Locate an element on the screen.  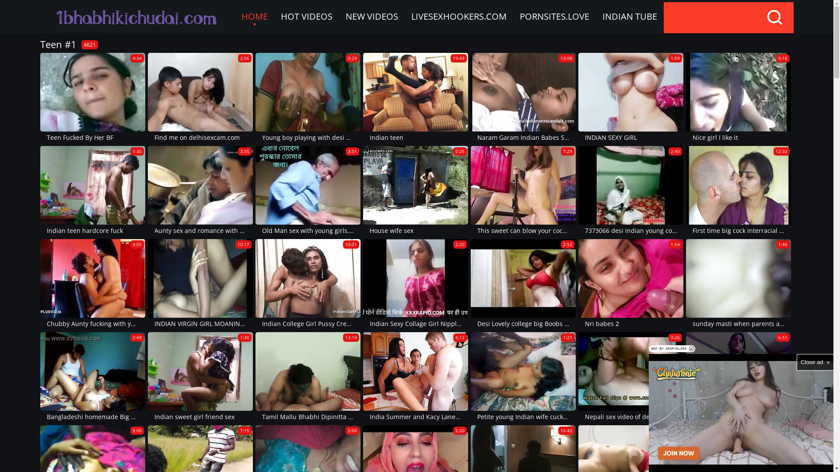
'4:34 is located at coordinates (92, 98).